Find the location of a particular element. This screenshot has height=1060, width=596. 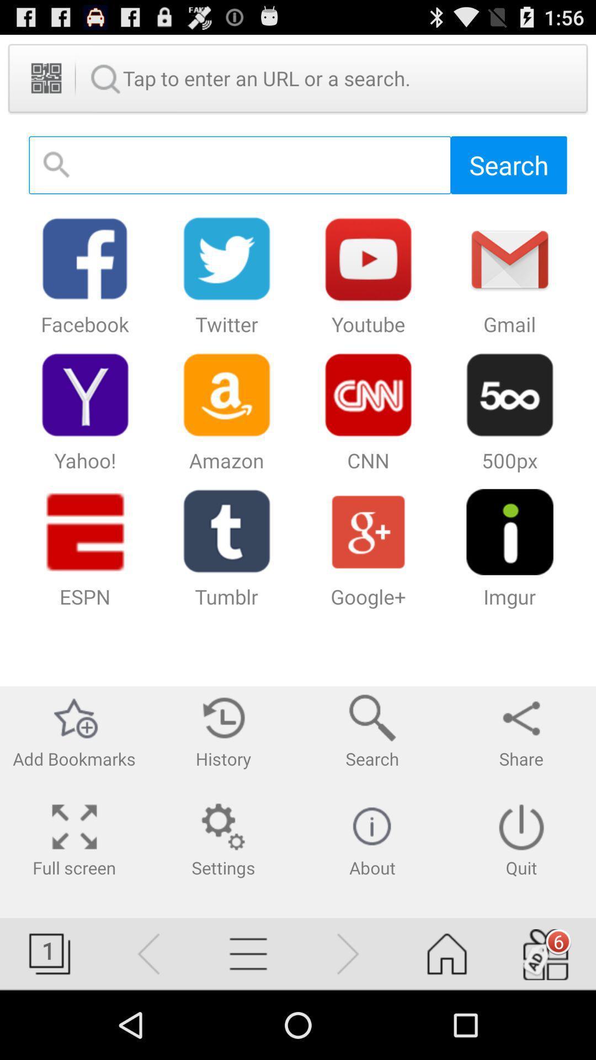

search term is located at coordinates (240, 165).